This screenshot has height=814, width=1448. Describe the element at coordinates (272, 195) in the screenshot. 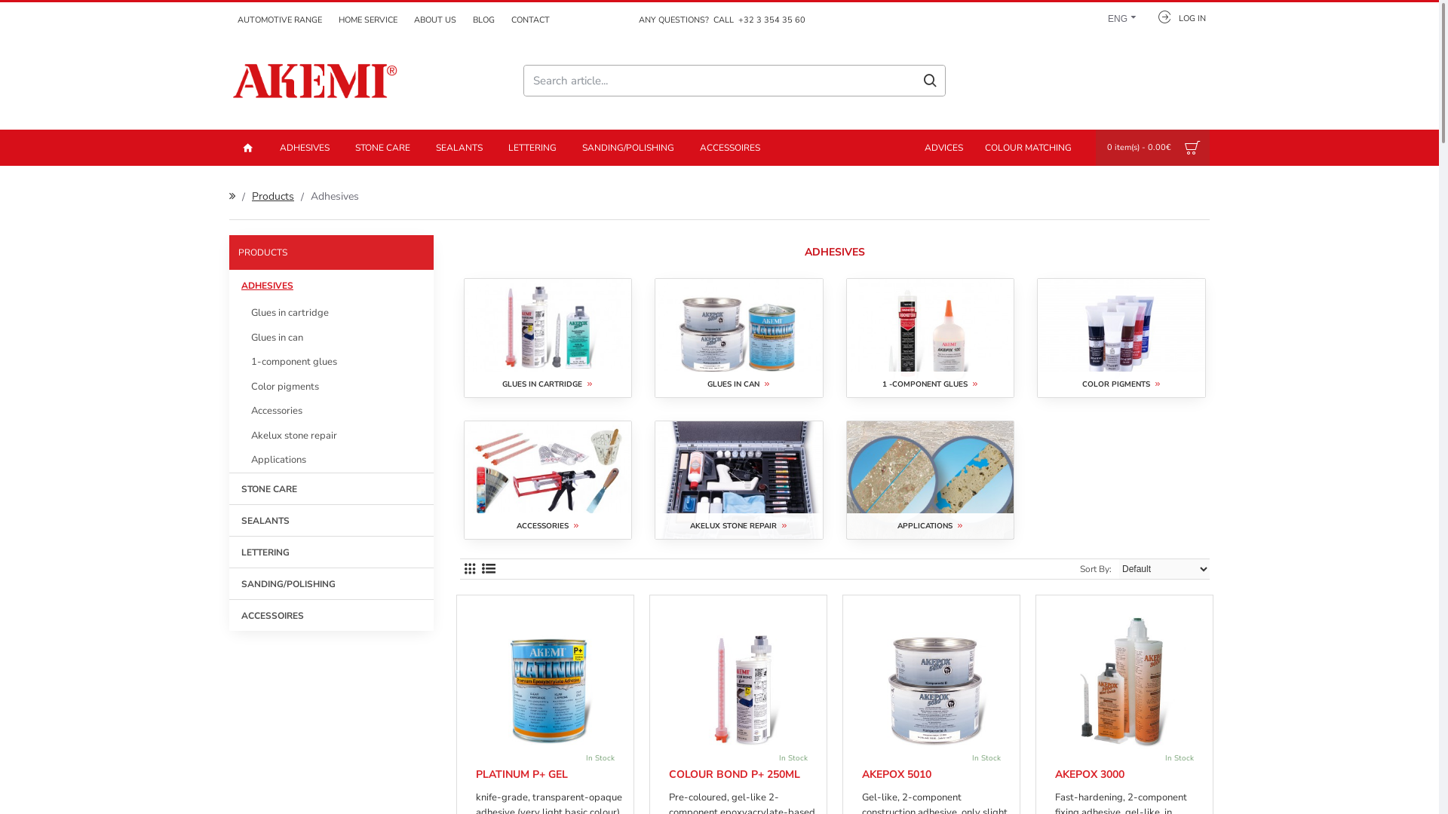

I see `'Products'` at that location.